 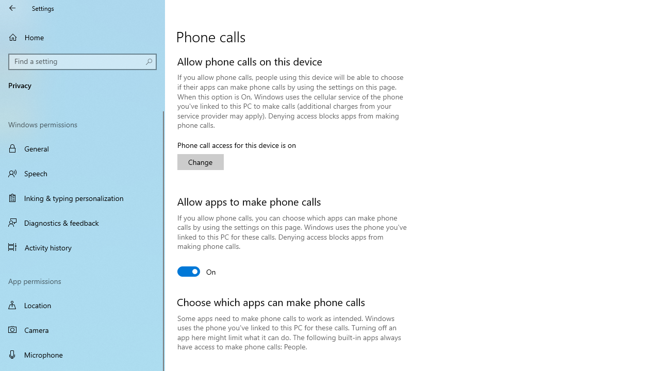 I want to click on 'Back', so click(x=12, y=8).